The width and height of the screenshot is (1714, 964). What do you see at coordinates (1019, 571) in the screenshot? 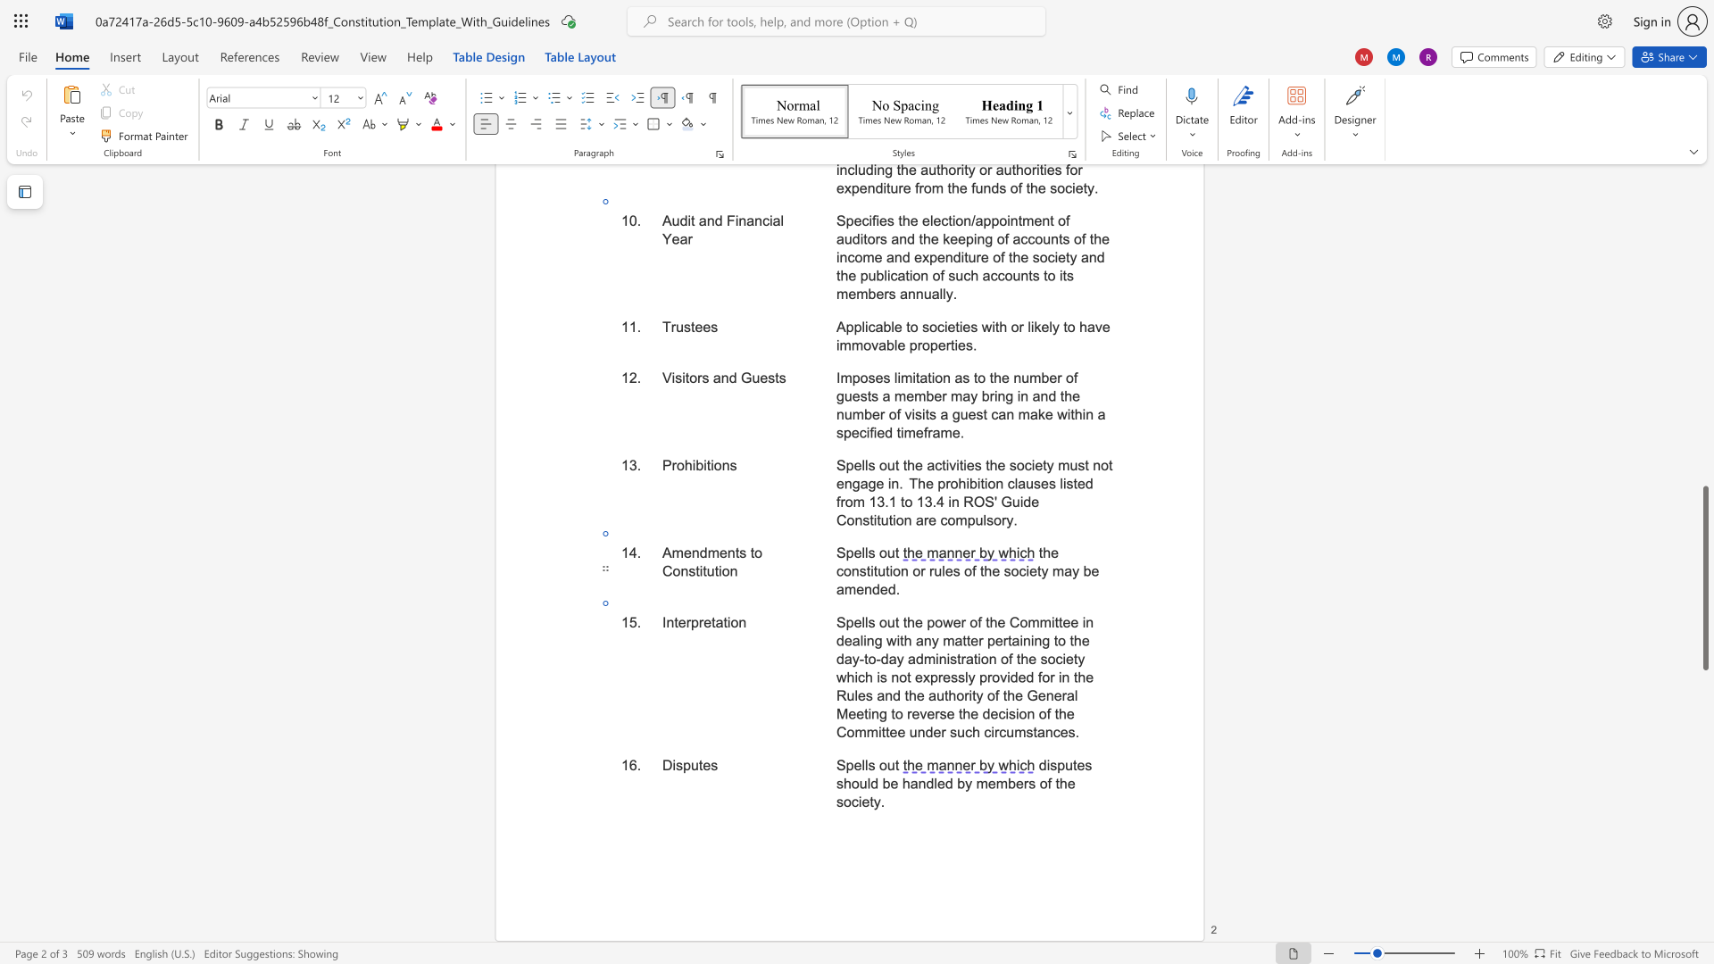
I see `the space between the continuous character "o" and "c" in the text` at bounding box center [1019, 571].